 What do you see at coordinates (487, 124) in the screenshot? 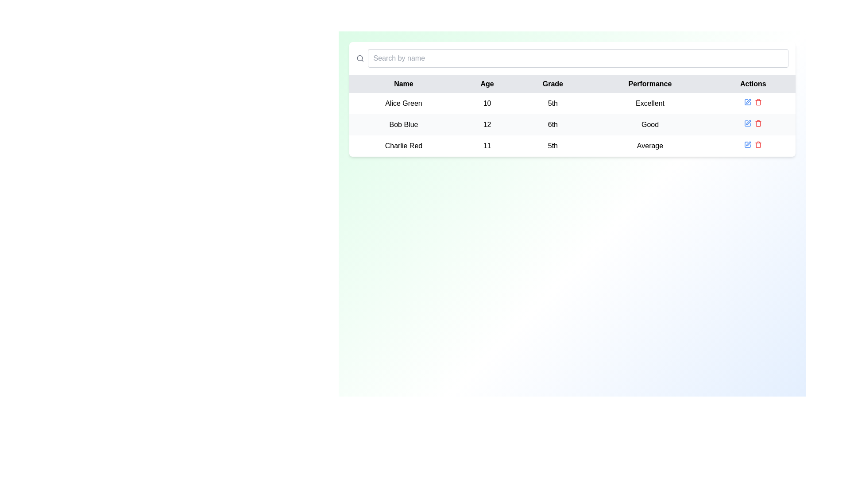
I see `the table cell displaying the age '12' for individual 'Bob Blue', located in the second row and second column of the table` at bounding box center [487, 124].